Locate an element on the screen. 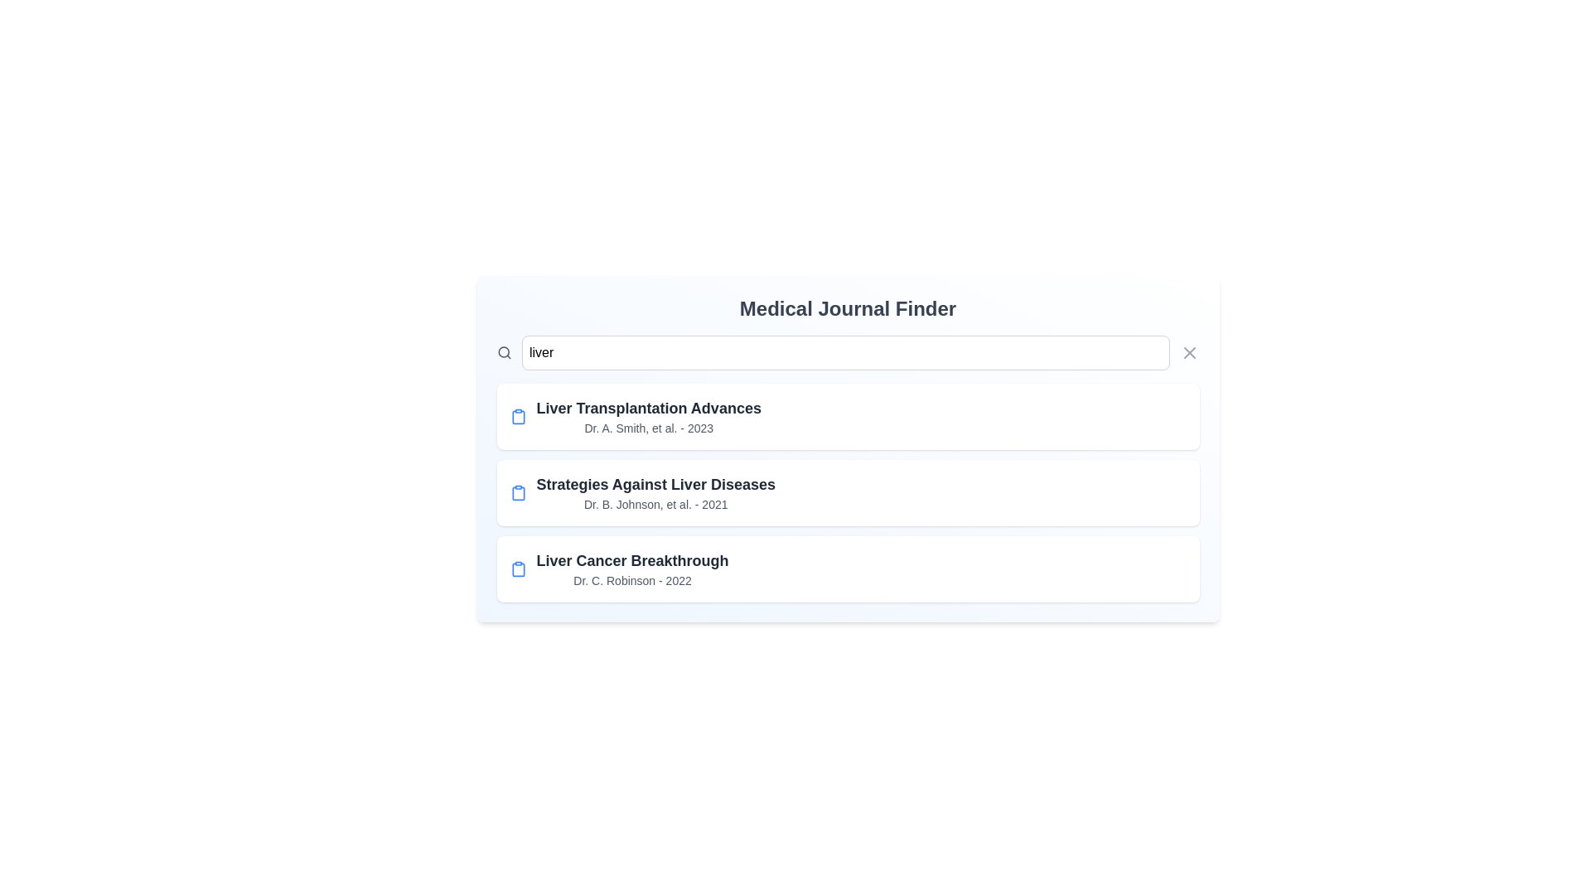 The width and height of the screenshot is (1591, 895). the medical journal entry card located centrally in the interface is located at coordinates (848, 491).